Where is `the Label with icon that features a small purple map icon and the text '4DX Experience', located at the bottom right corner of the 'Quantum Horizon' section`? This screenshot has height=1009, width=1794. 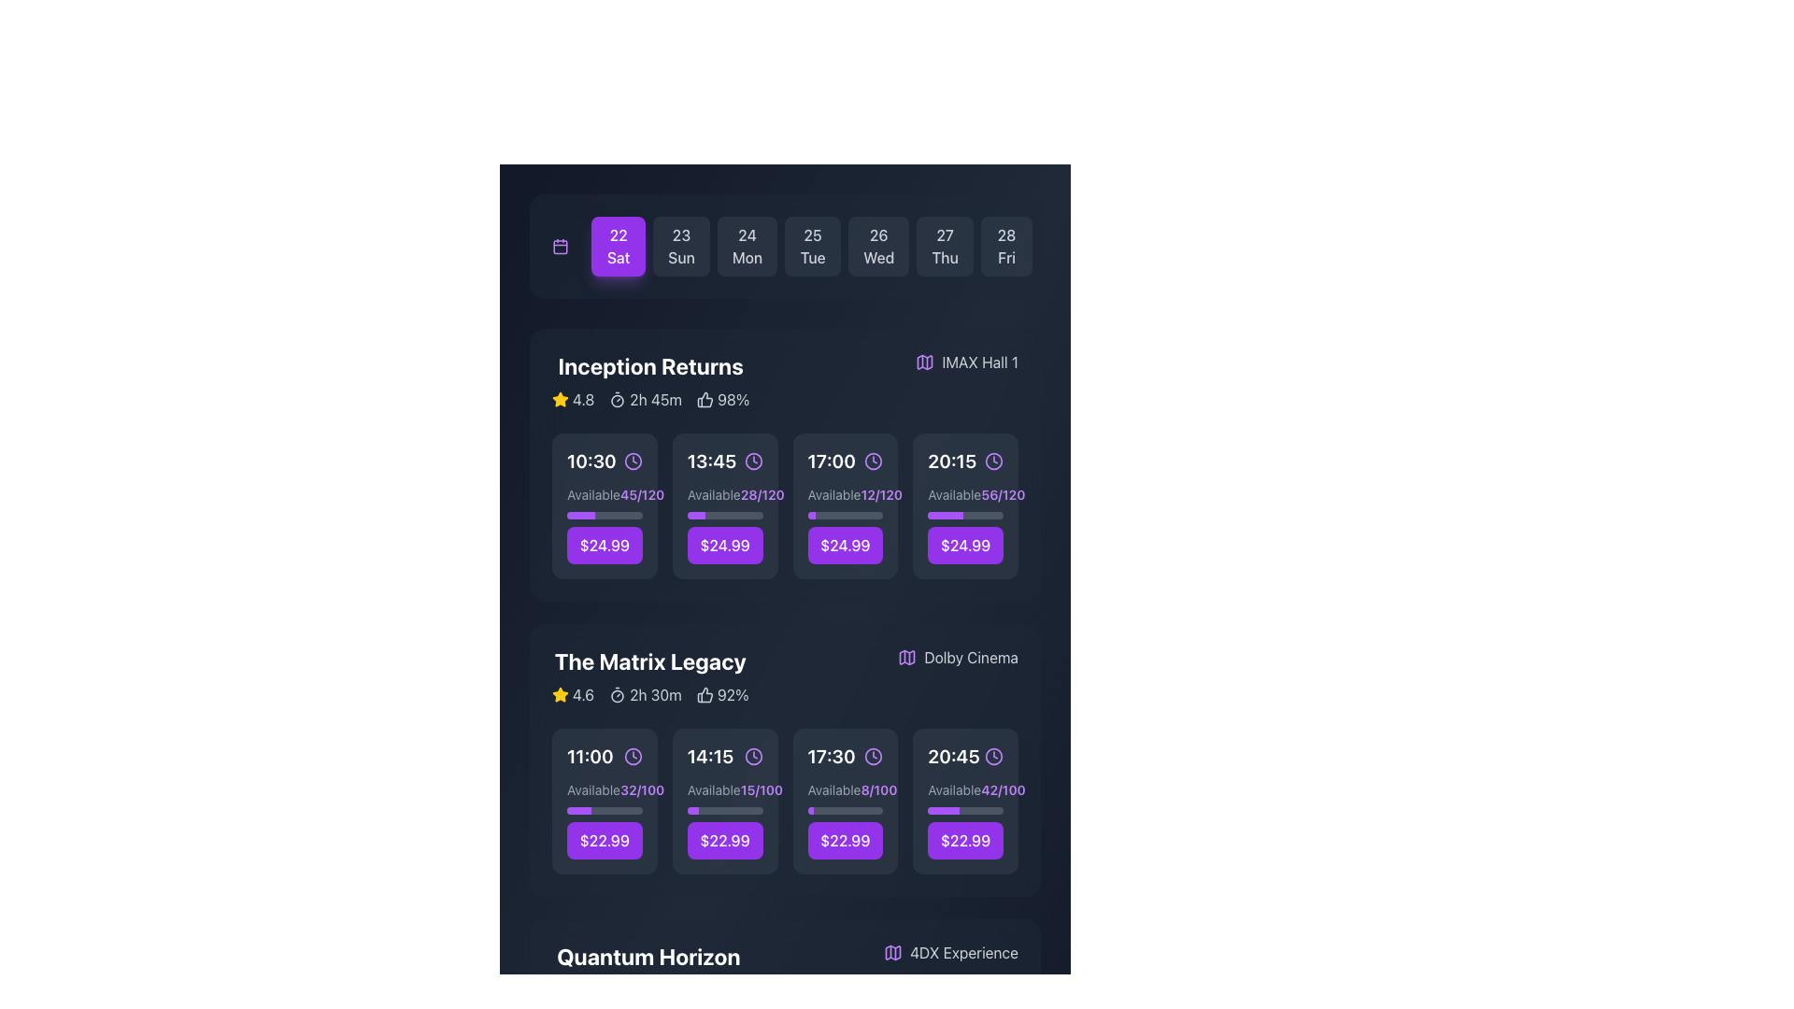
the Label with icon that features a small purple map icon and the text '4DX Experience', located at the bottom right corner of the 'Quantum Horizon' section is located at coordinates (950, 952).